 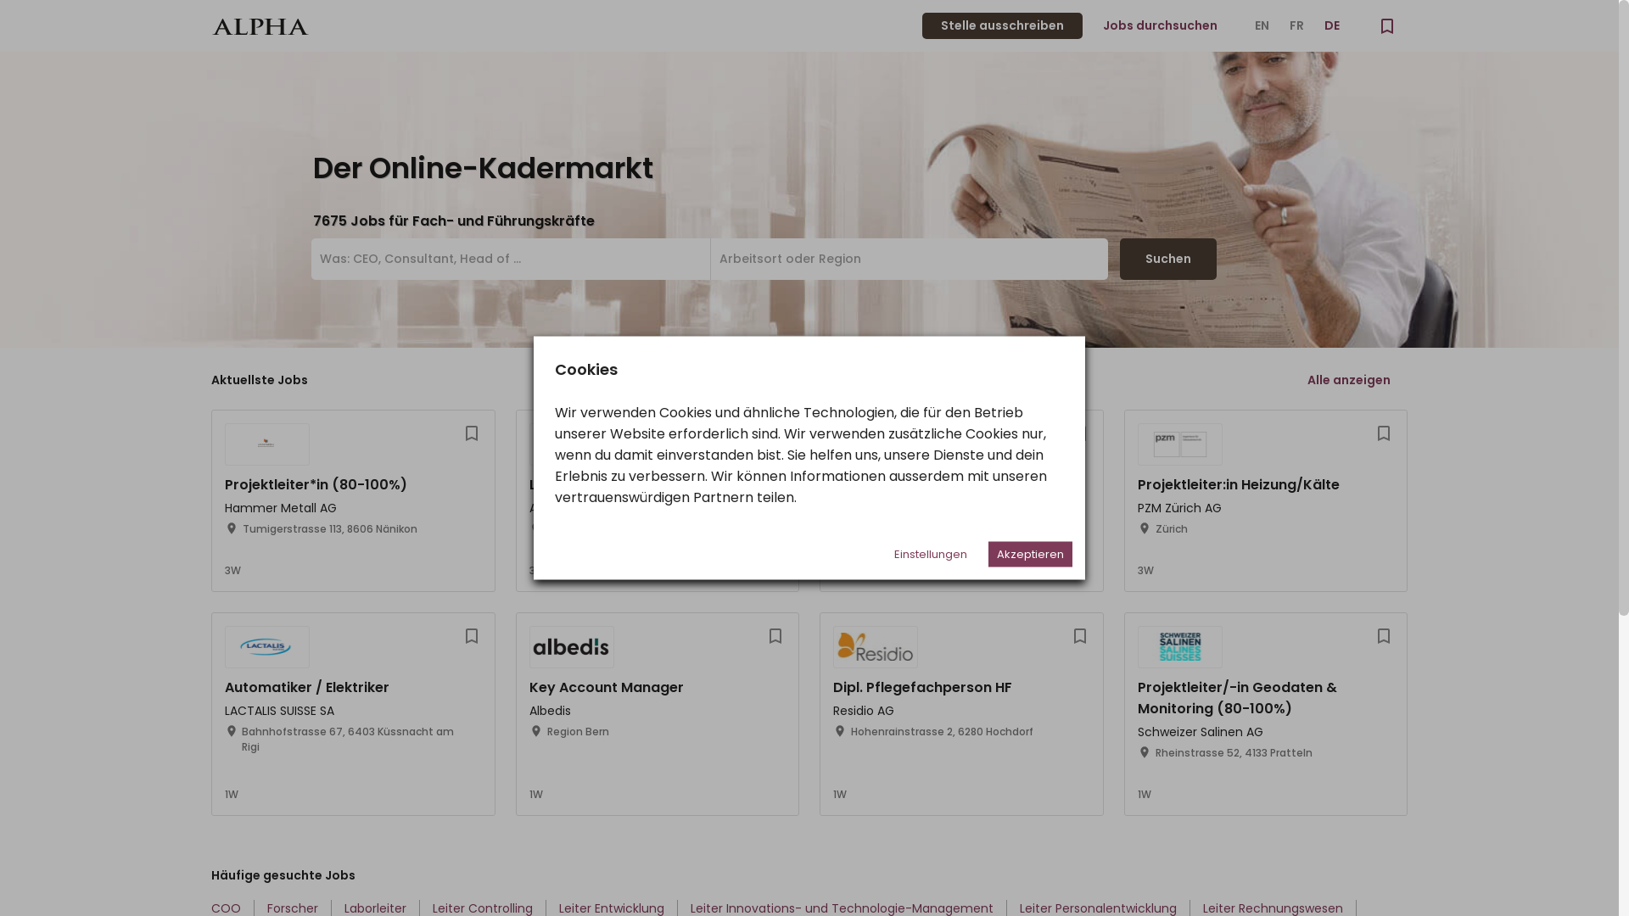 What do you see at coordinates (1029, 553) in the screenshot?
I see `'Akzeptieren'` at bounding box center [1029, 553].